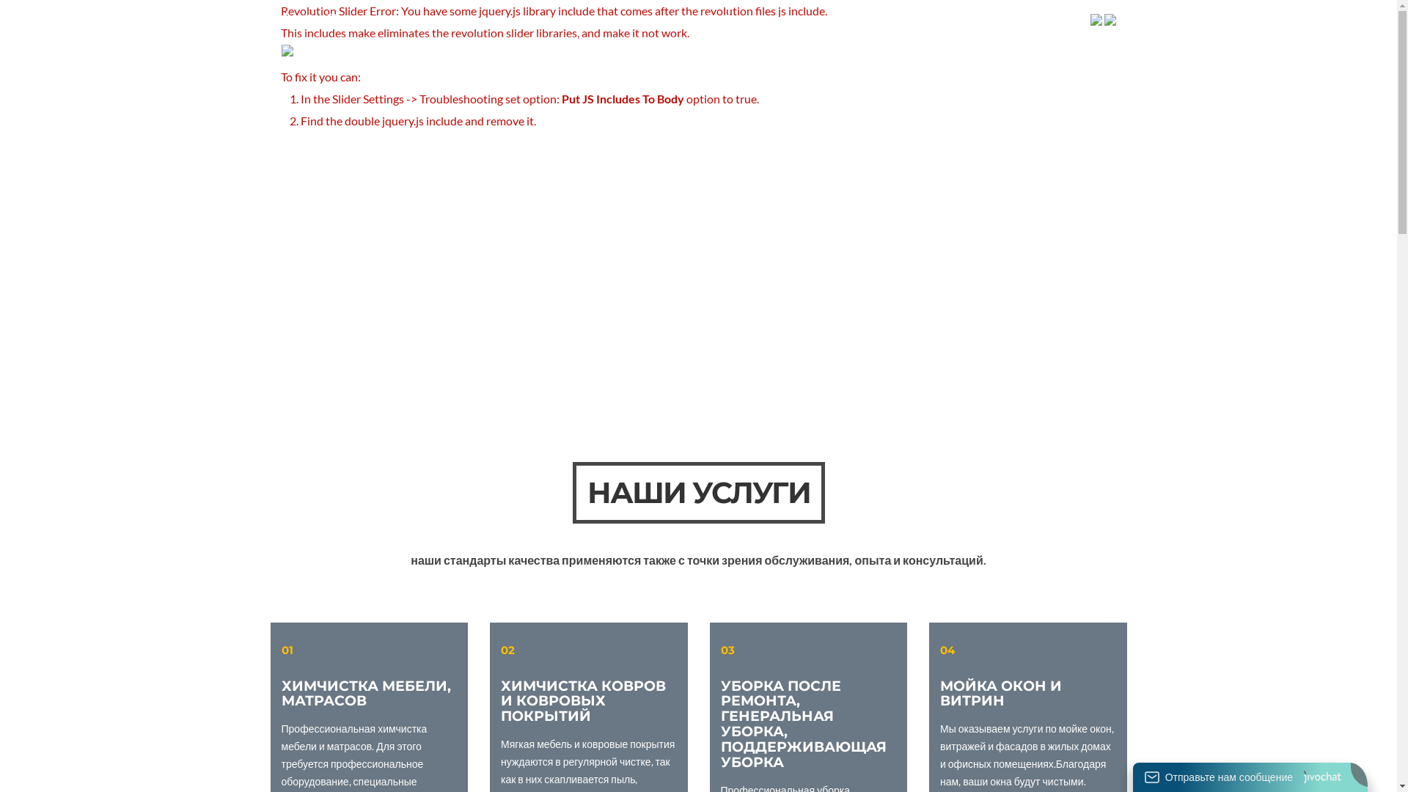 The image size is (1408, 792). Describe the element at coordinates (1043, 18) in the screenshot. I see `'+375 29 2 787 787'` at that location.